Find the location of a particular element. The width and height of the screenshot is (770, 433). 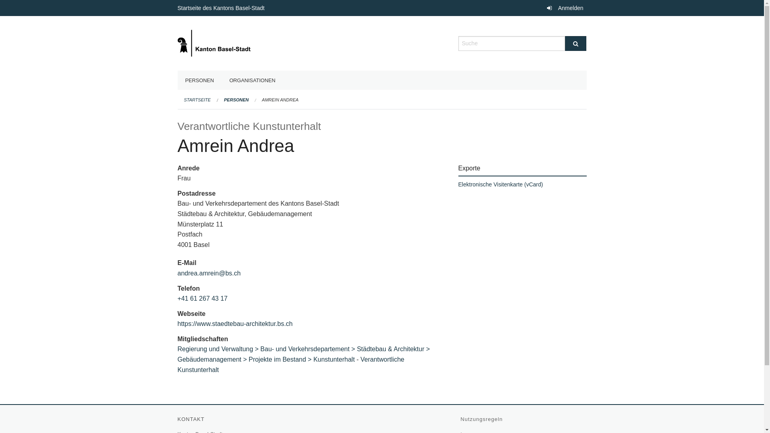

'Anmelden' is located at coordinates (564, 8).